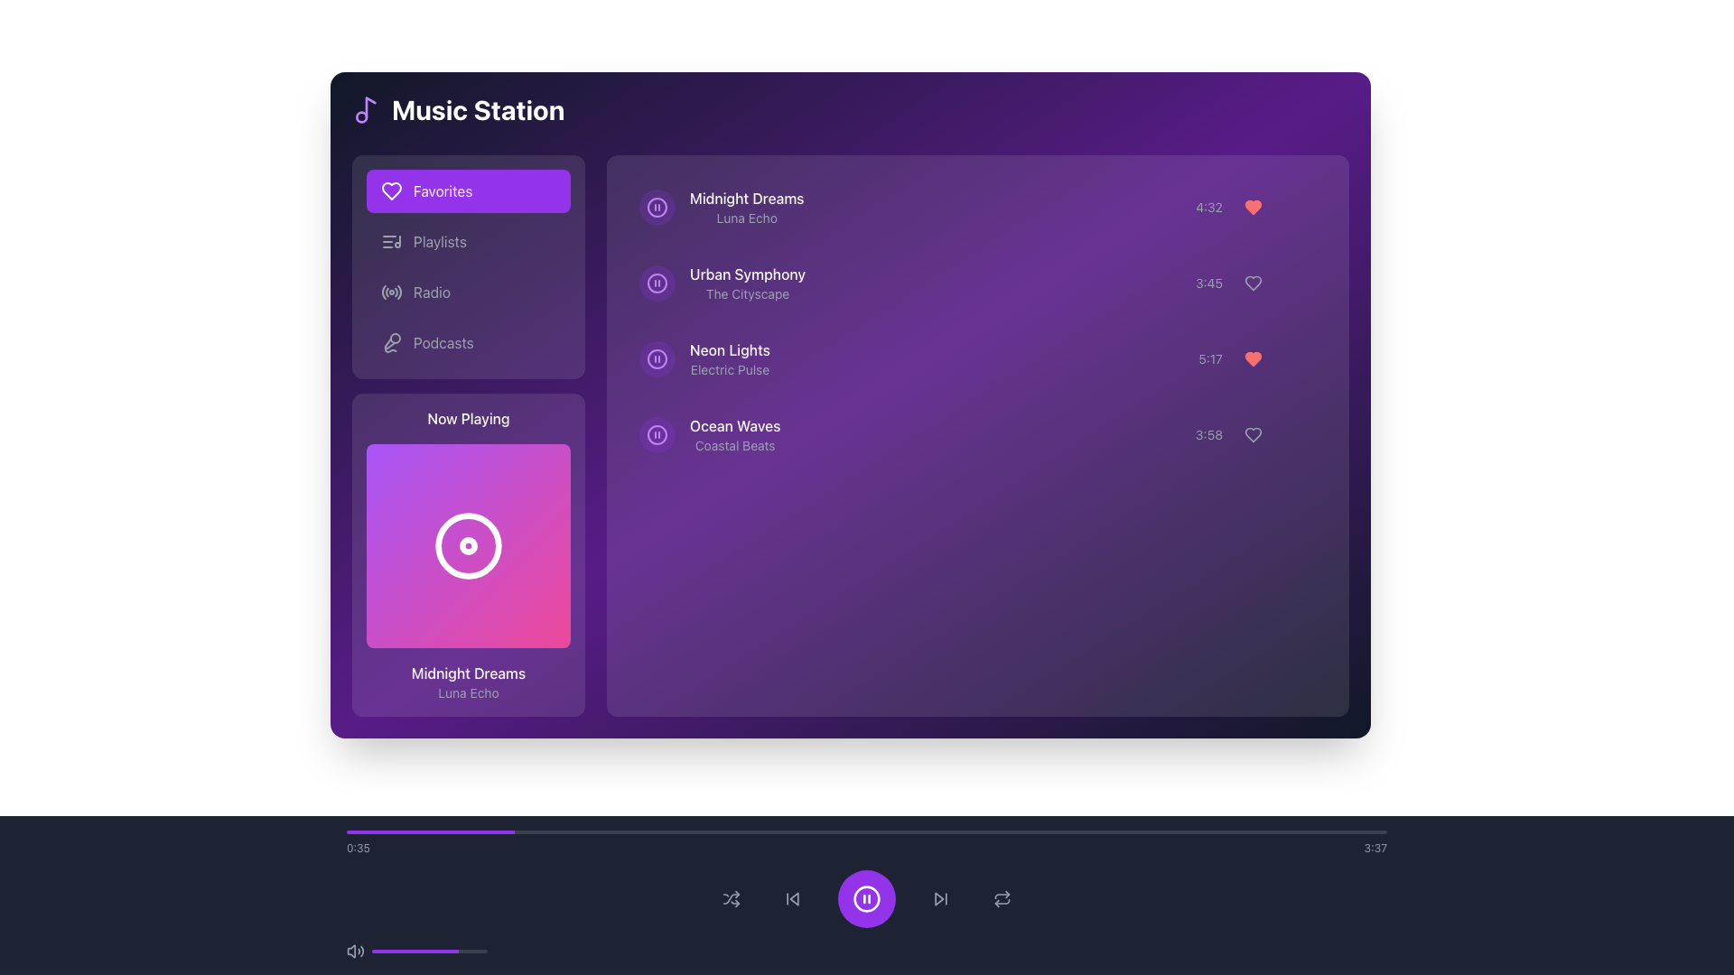 This screenshot has width=1734, height=975. What do you see at coordinates (709, 435) in the screenshot?
I see `the text display for the music track entry, which is the fourth item in the vertical list within the 'Music Station' interface` at bounding box center [709, 435].